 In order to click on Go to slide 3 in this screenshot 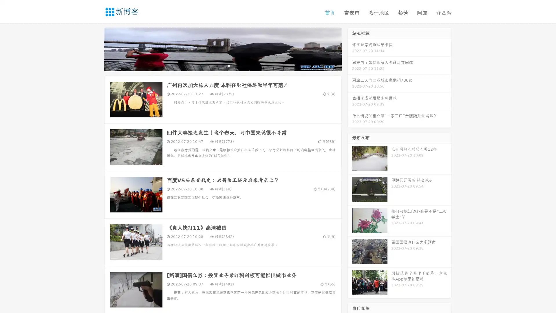, I will do `click(228, 65)`.